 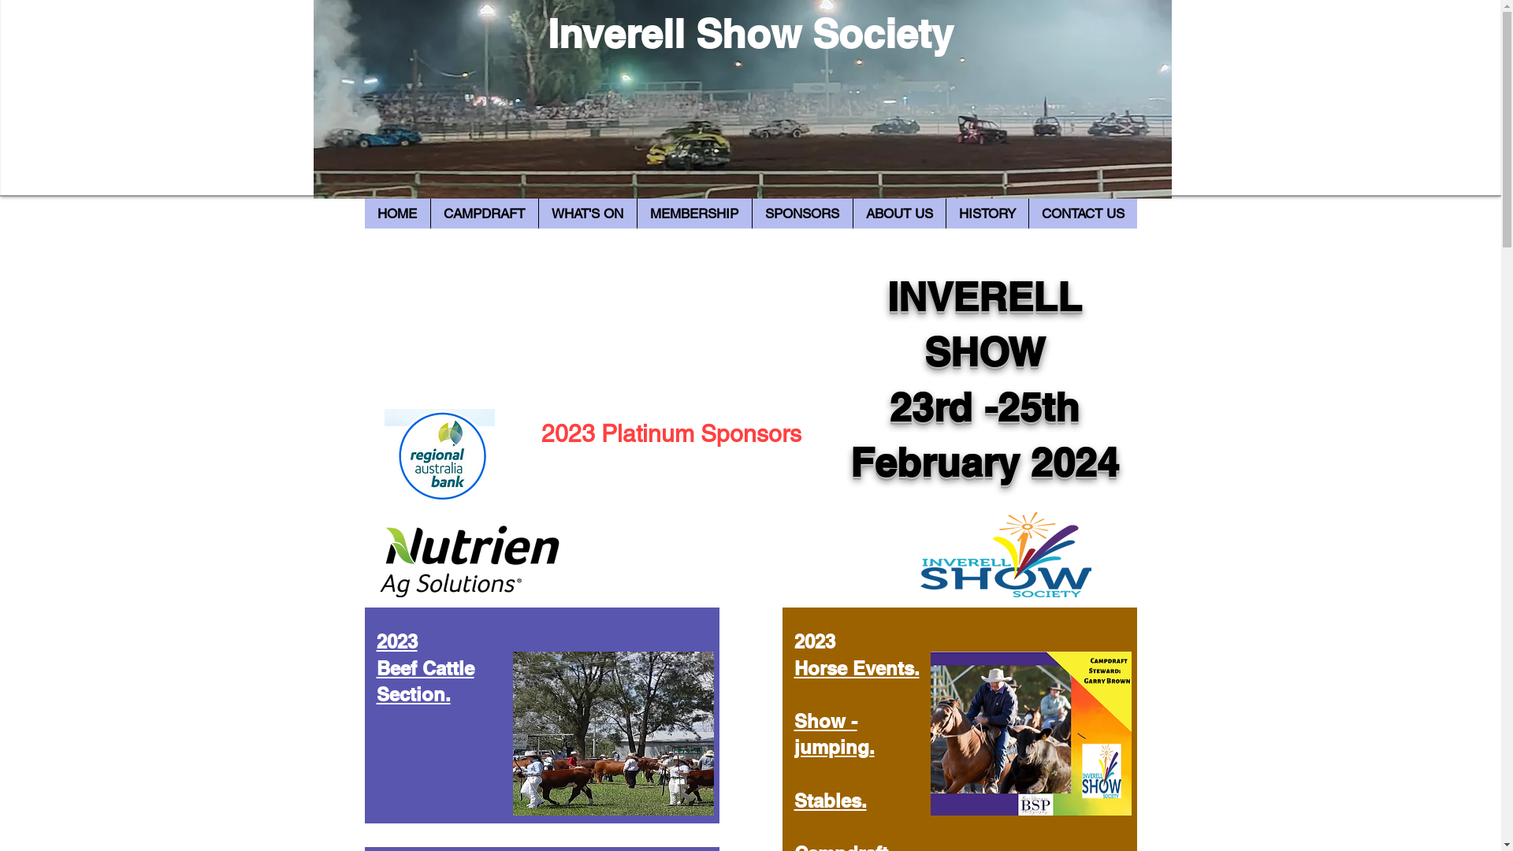 What do you see at coordinates (749, 33) in the screenshot?
I see `'Inverell Show Society'` at bounding box center [749, 33].